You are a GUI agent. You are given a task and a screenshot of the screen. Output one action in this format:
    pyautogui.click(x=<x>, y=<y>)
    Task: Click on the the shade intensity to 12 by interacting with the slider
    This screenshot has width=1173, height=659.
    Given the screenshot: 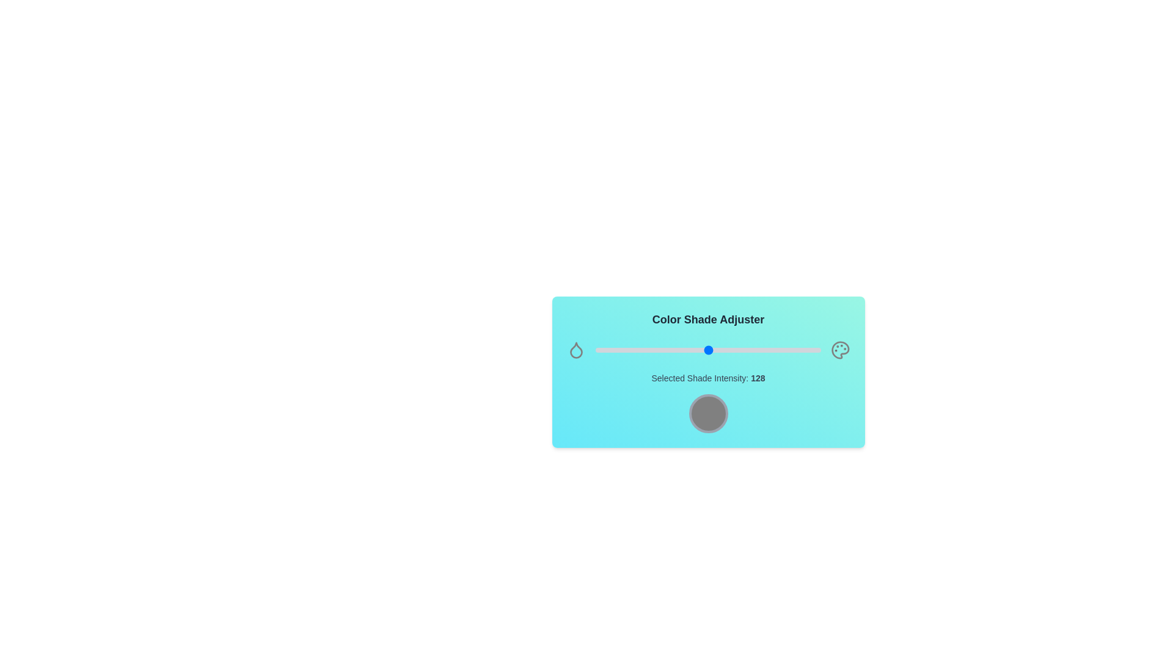 What is the action you would take?
    pyautogui.click(x=606, y=350)
    